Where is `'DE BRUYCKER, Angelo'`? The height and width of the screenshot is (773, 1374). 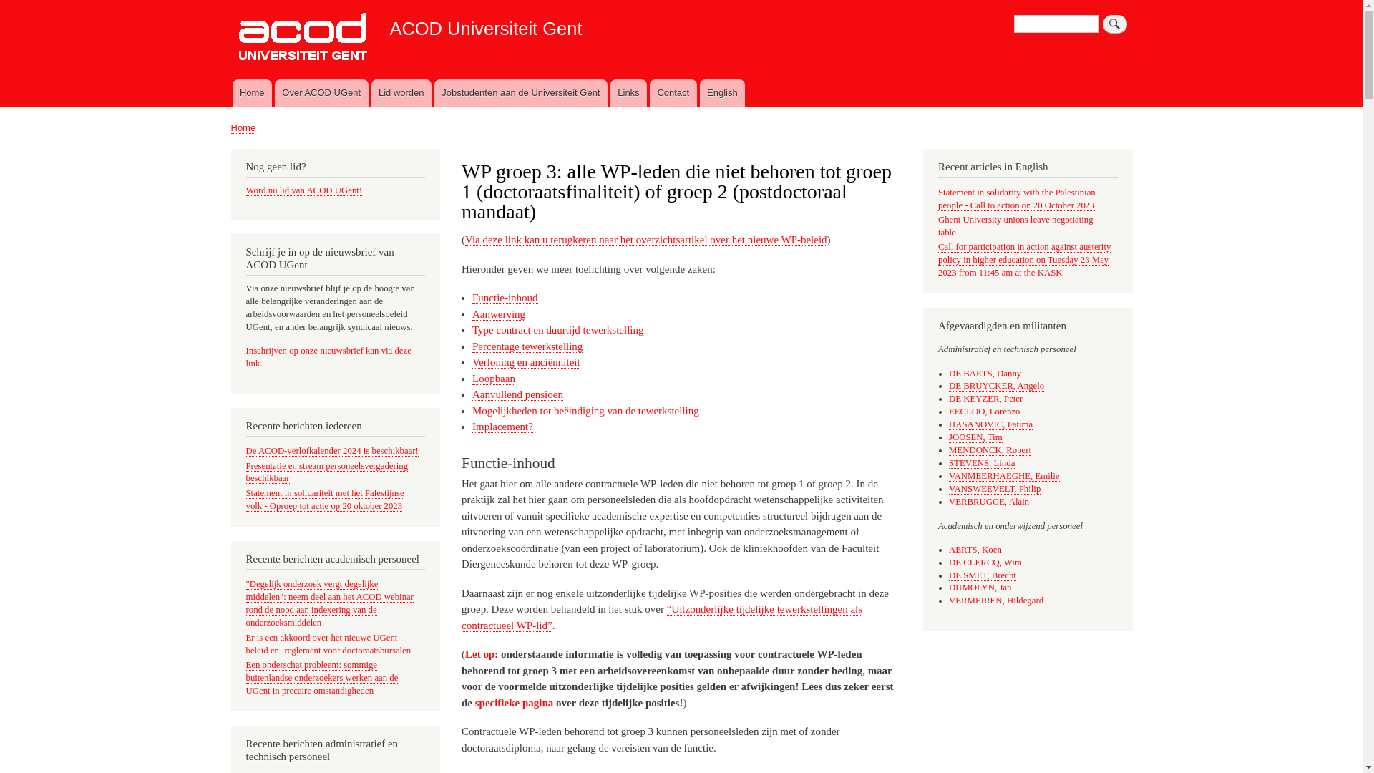
'DE BRUYCKER, Angelo' is located at coordinates (995, 385).